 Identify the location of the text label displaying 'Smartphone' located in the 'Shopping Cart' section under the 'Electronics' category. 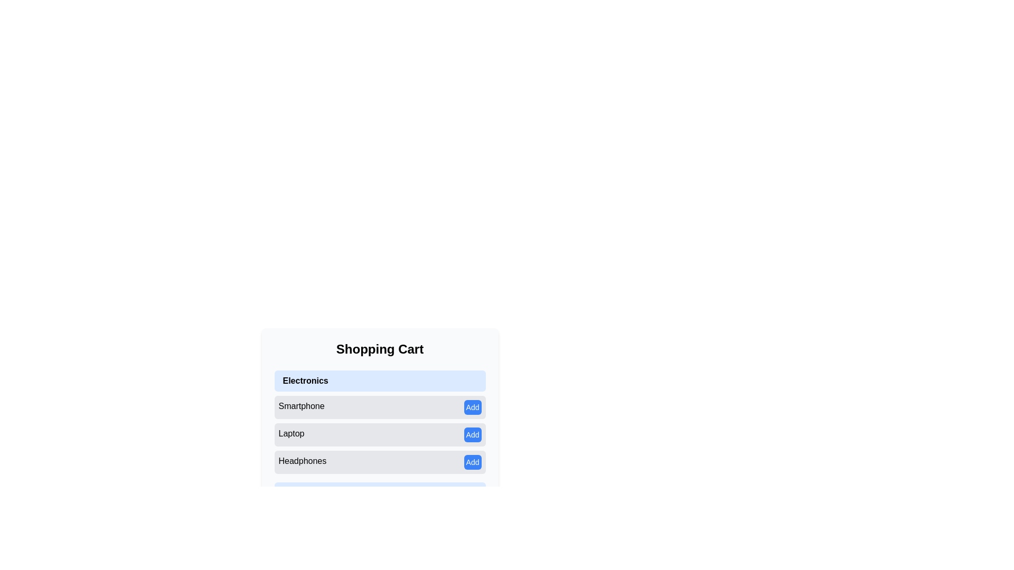
(301, 406).